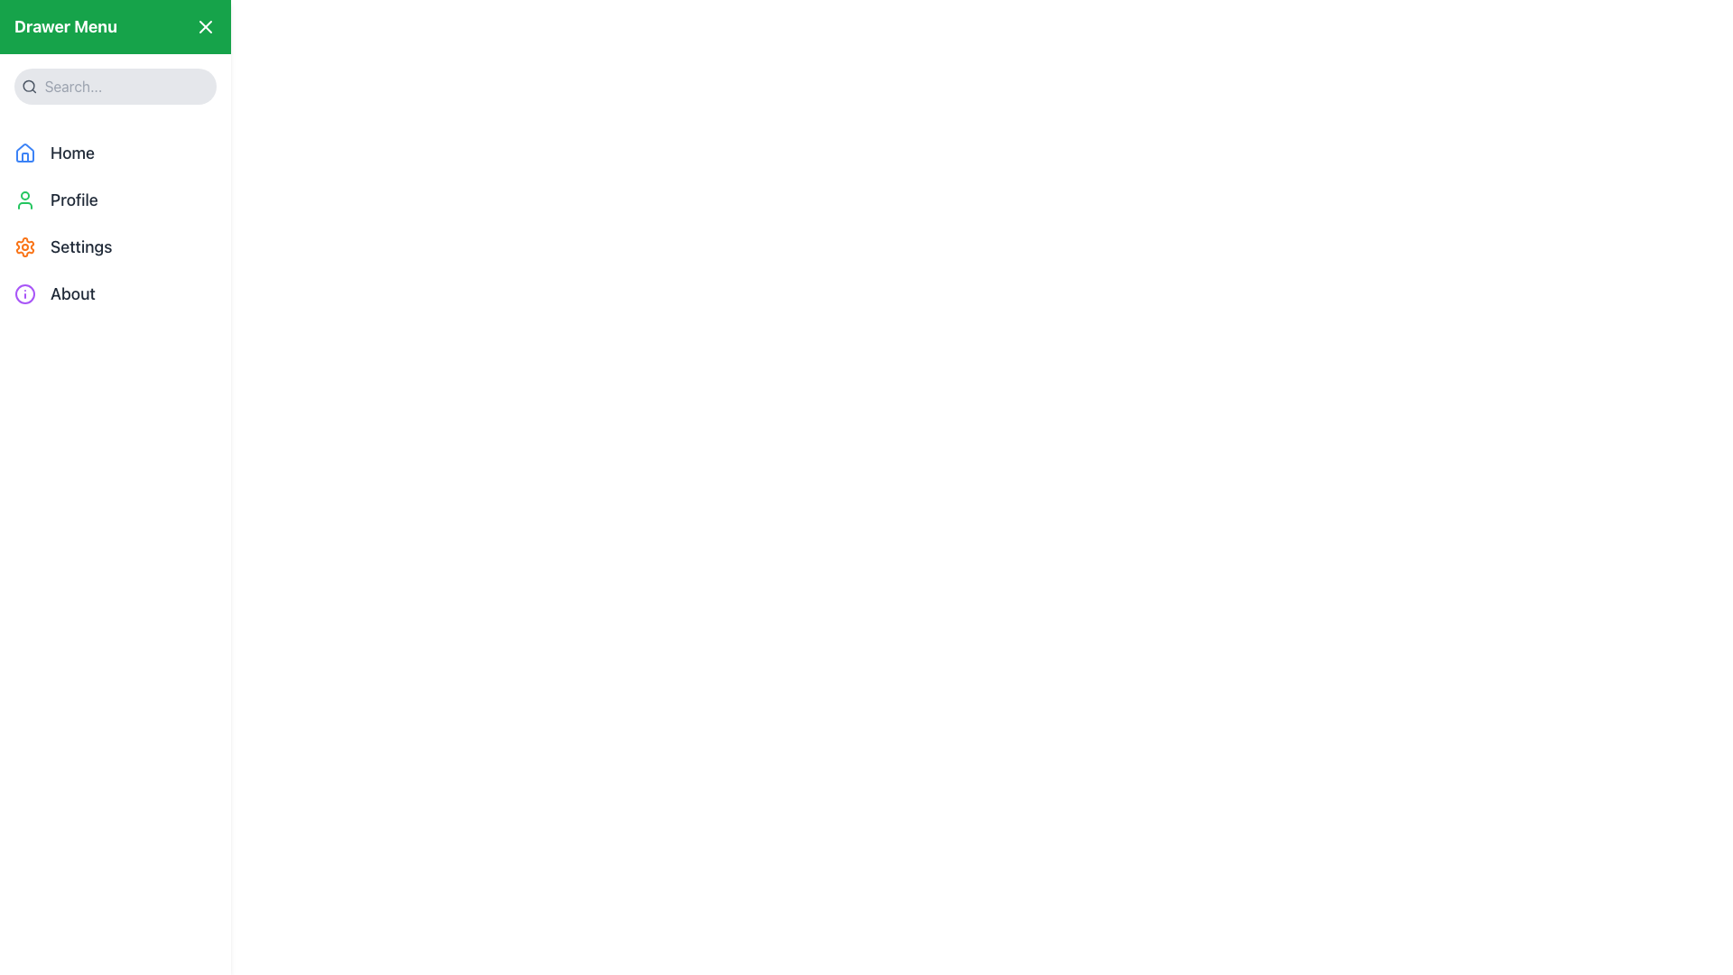  What do you see at coordinates (205, 27) in the screenshot?
I see `the 'X' icon in the top-right corner of the green 'Drawer Menu' bar, which is styled as two crossing lines forming an iconographic close button` at bounding box center [205, 27].